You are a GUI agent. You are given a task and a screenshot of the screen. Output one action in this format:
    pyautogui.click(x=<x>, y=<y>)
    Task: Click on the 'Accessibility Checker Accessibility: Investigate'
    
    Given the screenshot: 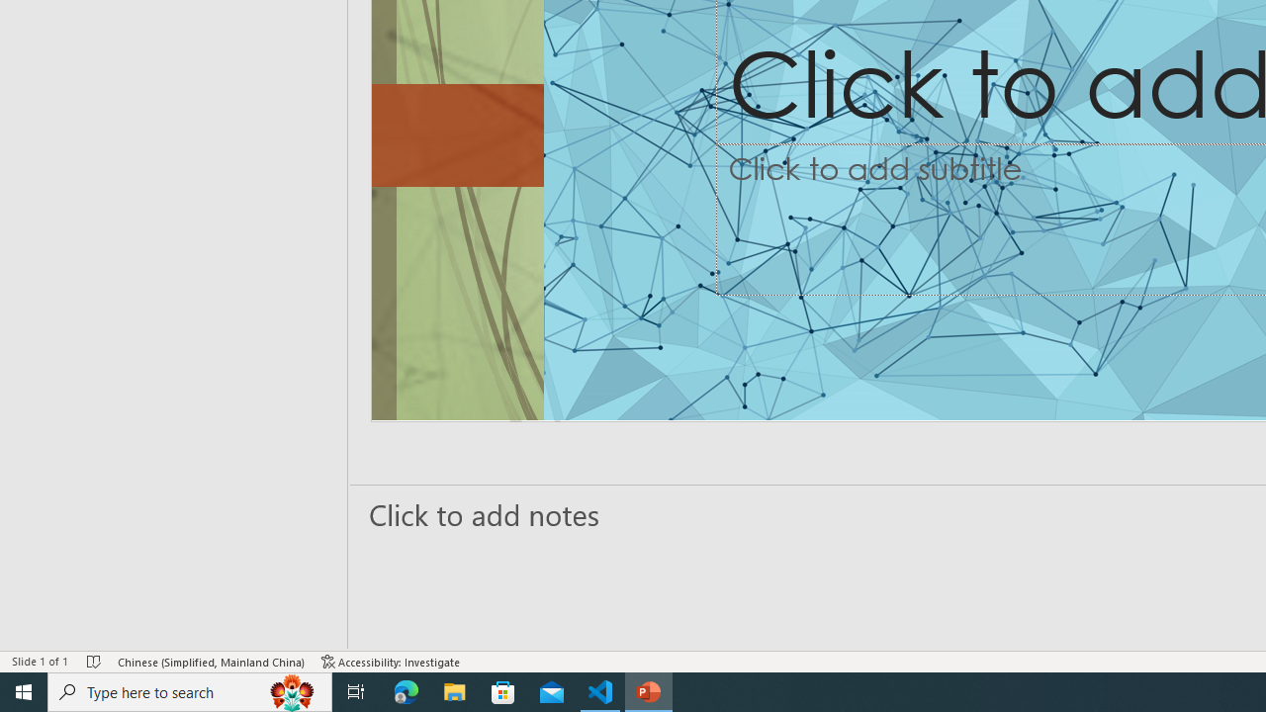 What is the action you would take?
    pyautogui.click(x=391, y=662)
    